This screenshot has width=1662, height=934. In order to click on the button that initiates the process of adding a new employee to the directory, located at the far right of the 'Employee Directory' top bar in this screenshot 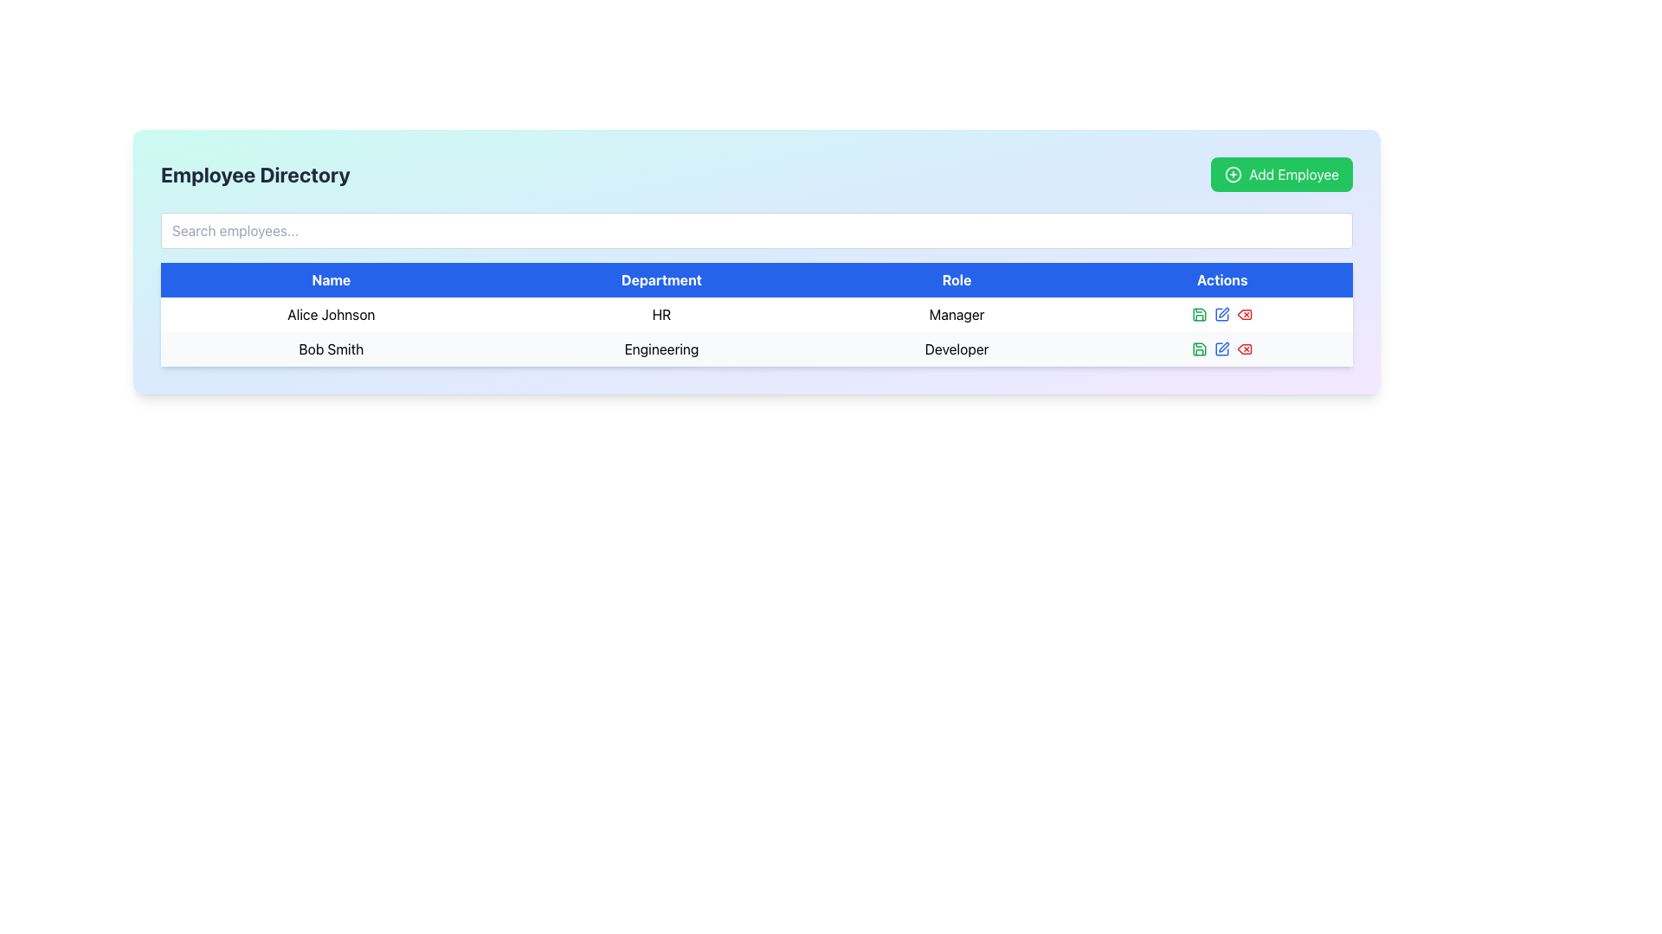, I will do `click(1282, 174)`.